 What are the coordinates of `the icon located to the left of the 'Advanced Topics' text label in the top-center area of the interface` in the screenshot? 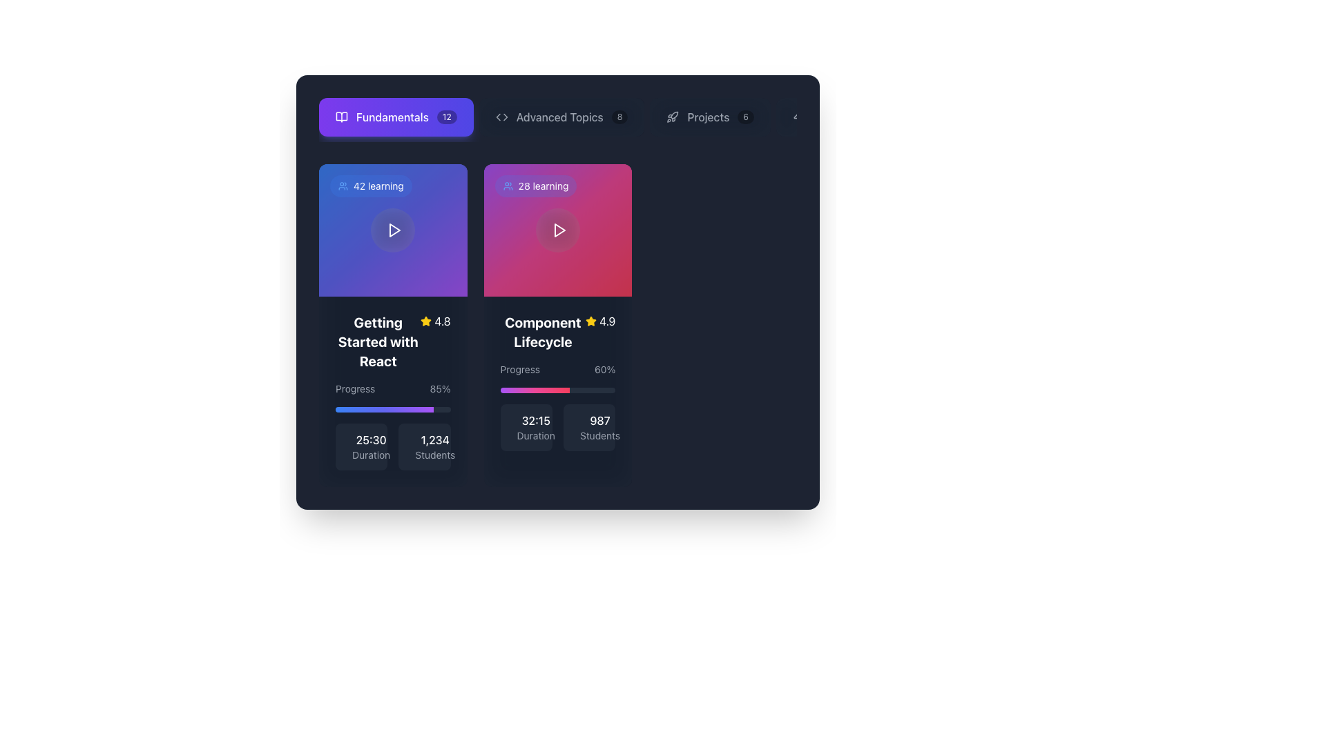 It's located at (501, 116).